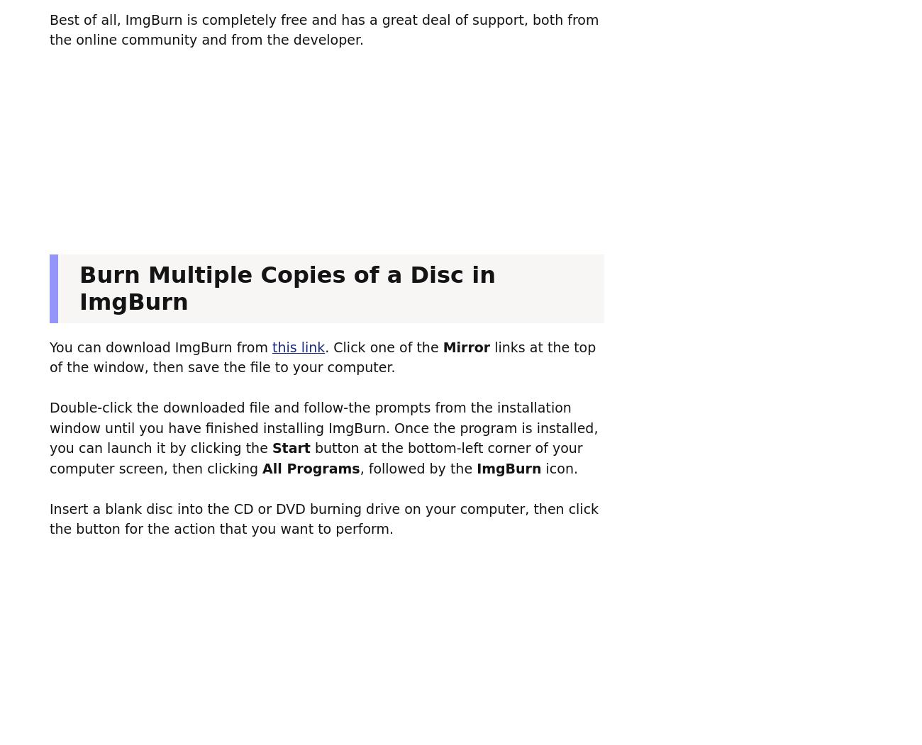 This screenshot has height=745, width=922. What do you see at coordinates (271, 347) in the screenshot?
I see `'this link'` at bounding box center [271, 347].